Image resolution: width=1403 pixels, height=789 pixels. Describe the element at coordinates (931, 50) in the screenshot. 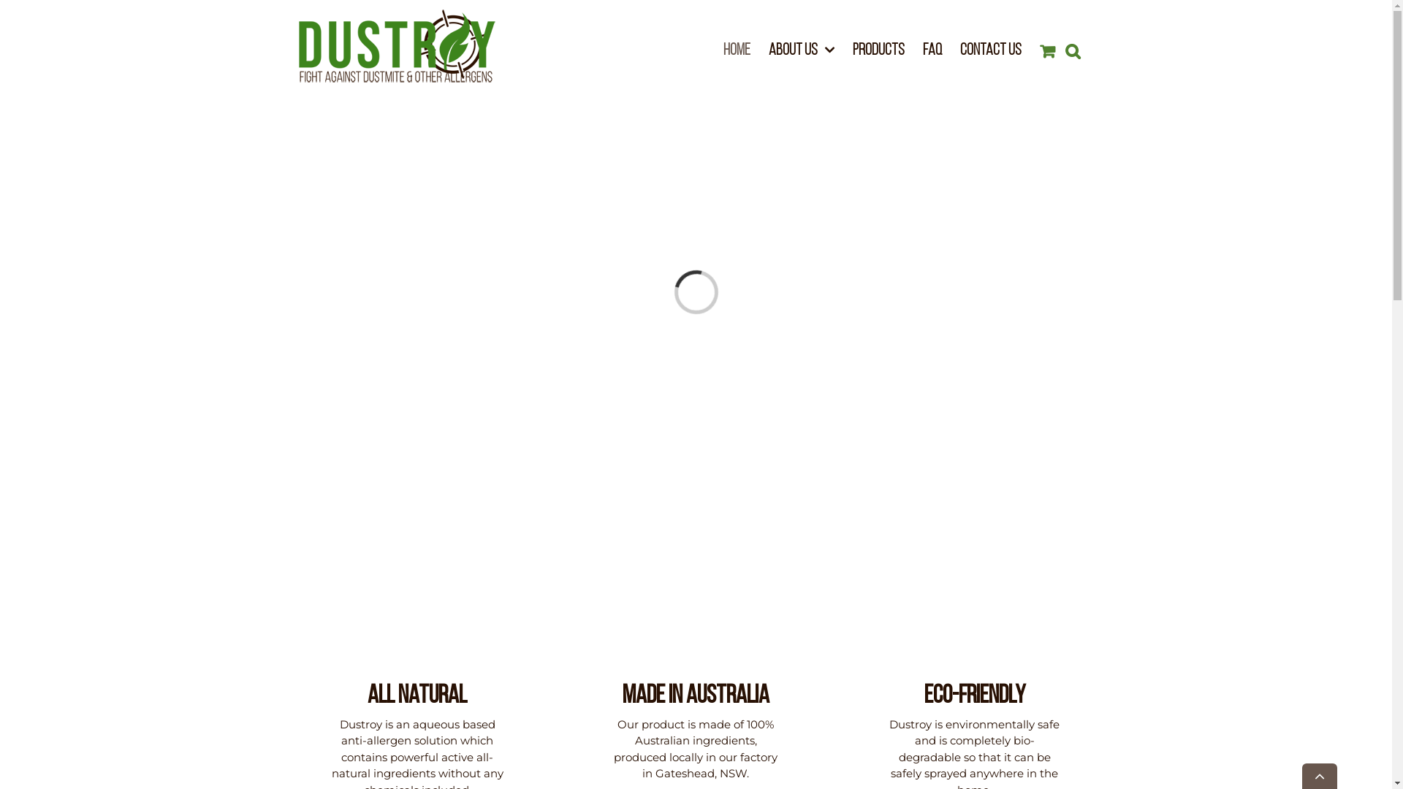

I see `'FAQ'` at that location.